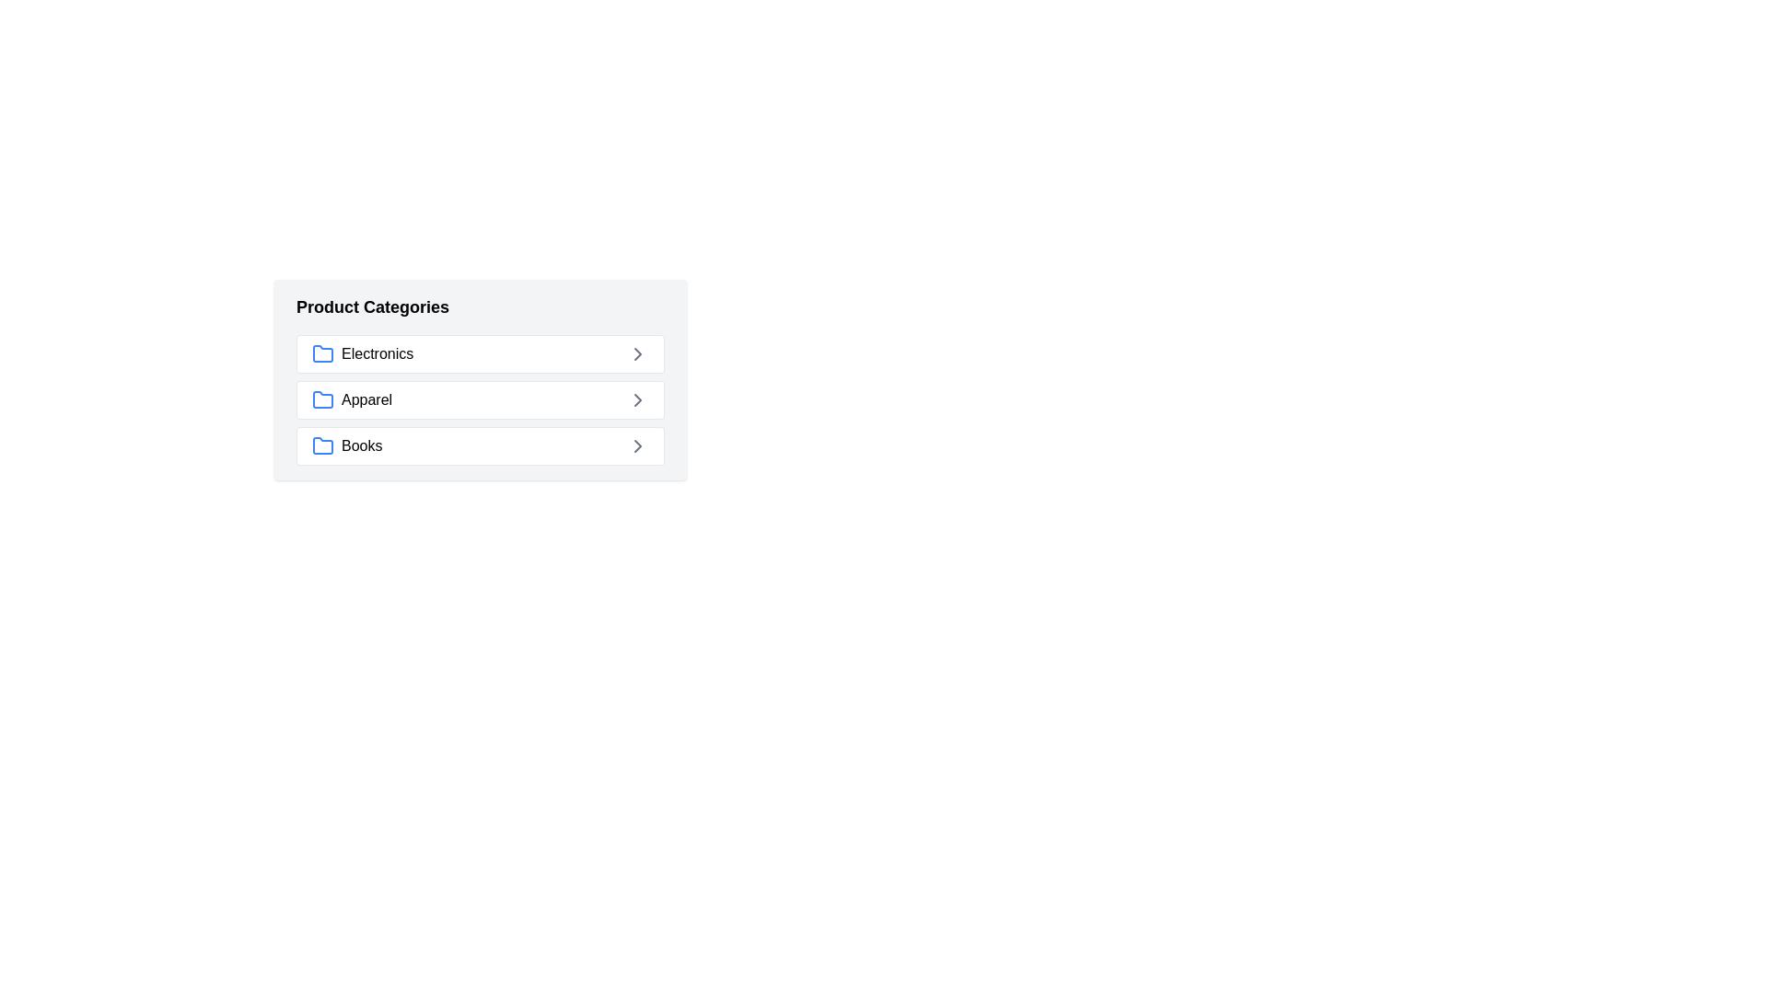  I want to click on the blue sketched folder icon representing the 'Electronics' category, located next to the text 'Electronics' in the topmost entry of the category list, so click(322, 353).